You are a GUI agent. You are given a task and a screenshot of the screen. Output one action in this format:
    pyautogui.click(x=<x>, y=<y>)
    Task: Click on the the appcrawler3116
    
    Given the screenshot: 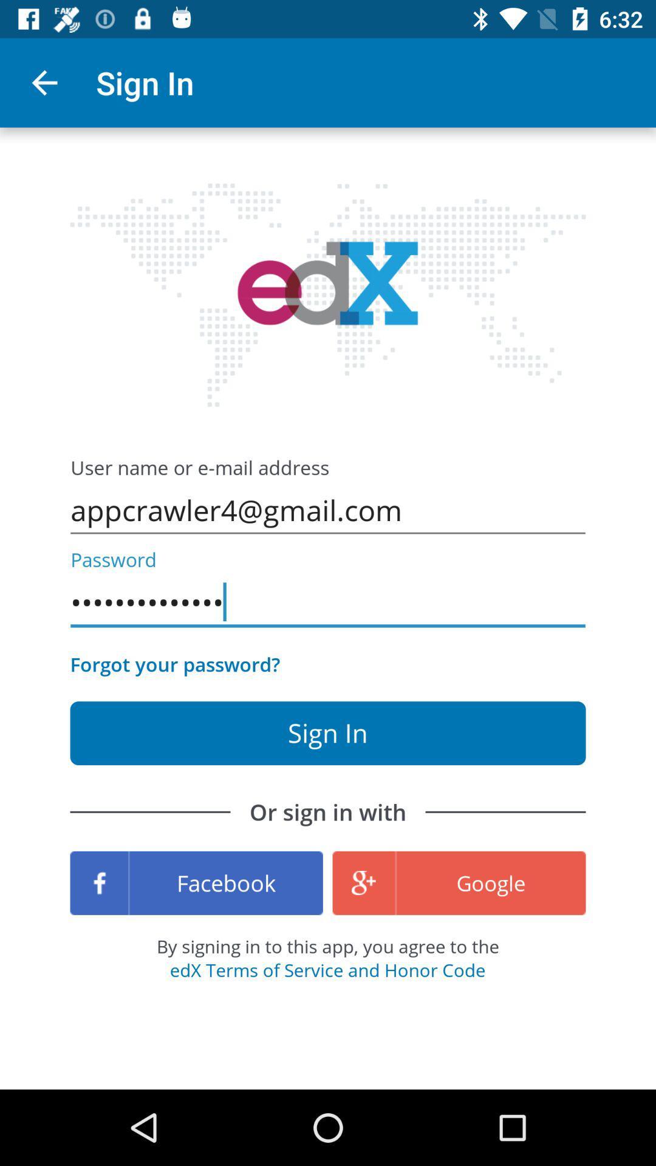 What is the action you would take?
    pyautogui.click(x=328, y=602)
    